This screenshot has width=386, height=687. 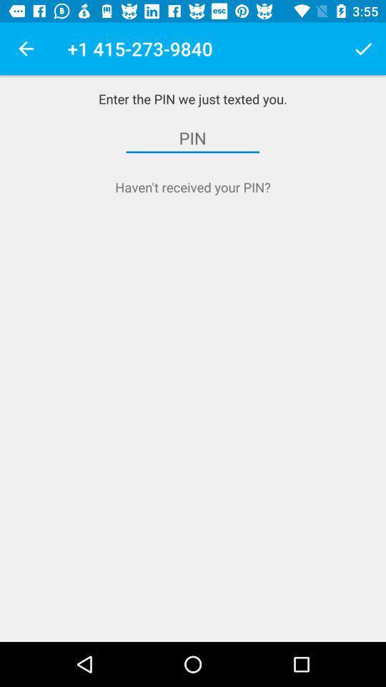 What do you see at coordinates (26, 49) in the screenshot?
I see `the item next to the 1 415 273` at bounding box center [26, 49].